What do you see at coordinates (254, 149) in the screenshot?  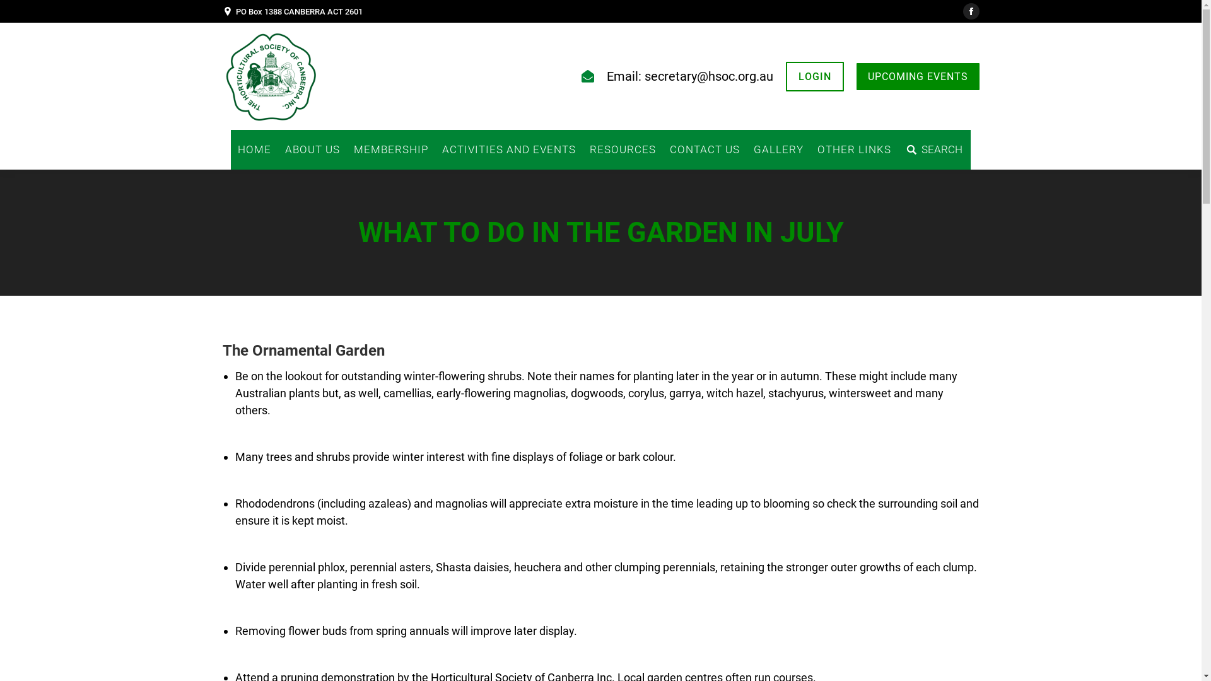 I see `'HOME'` at bounding box center [254, 149].